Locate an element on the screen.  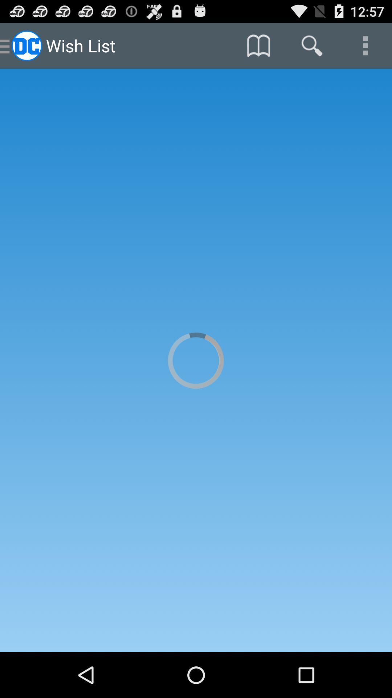
item next to wish list item is located at coordinates (258, 45).